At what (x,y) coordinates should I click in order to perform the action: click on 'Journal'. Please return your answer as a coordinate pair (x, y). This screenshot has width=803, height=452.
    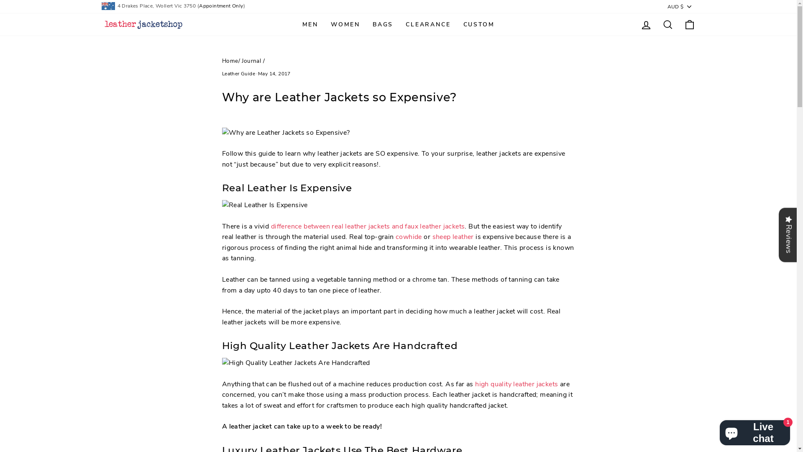
    Looking at the image, I should click on (251, 60).